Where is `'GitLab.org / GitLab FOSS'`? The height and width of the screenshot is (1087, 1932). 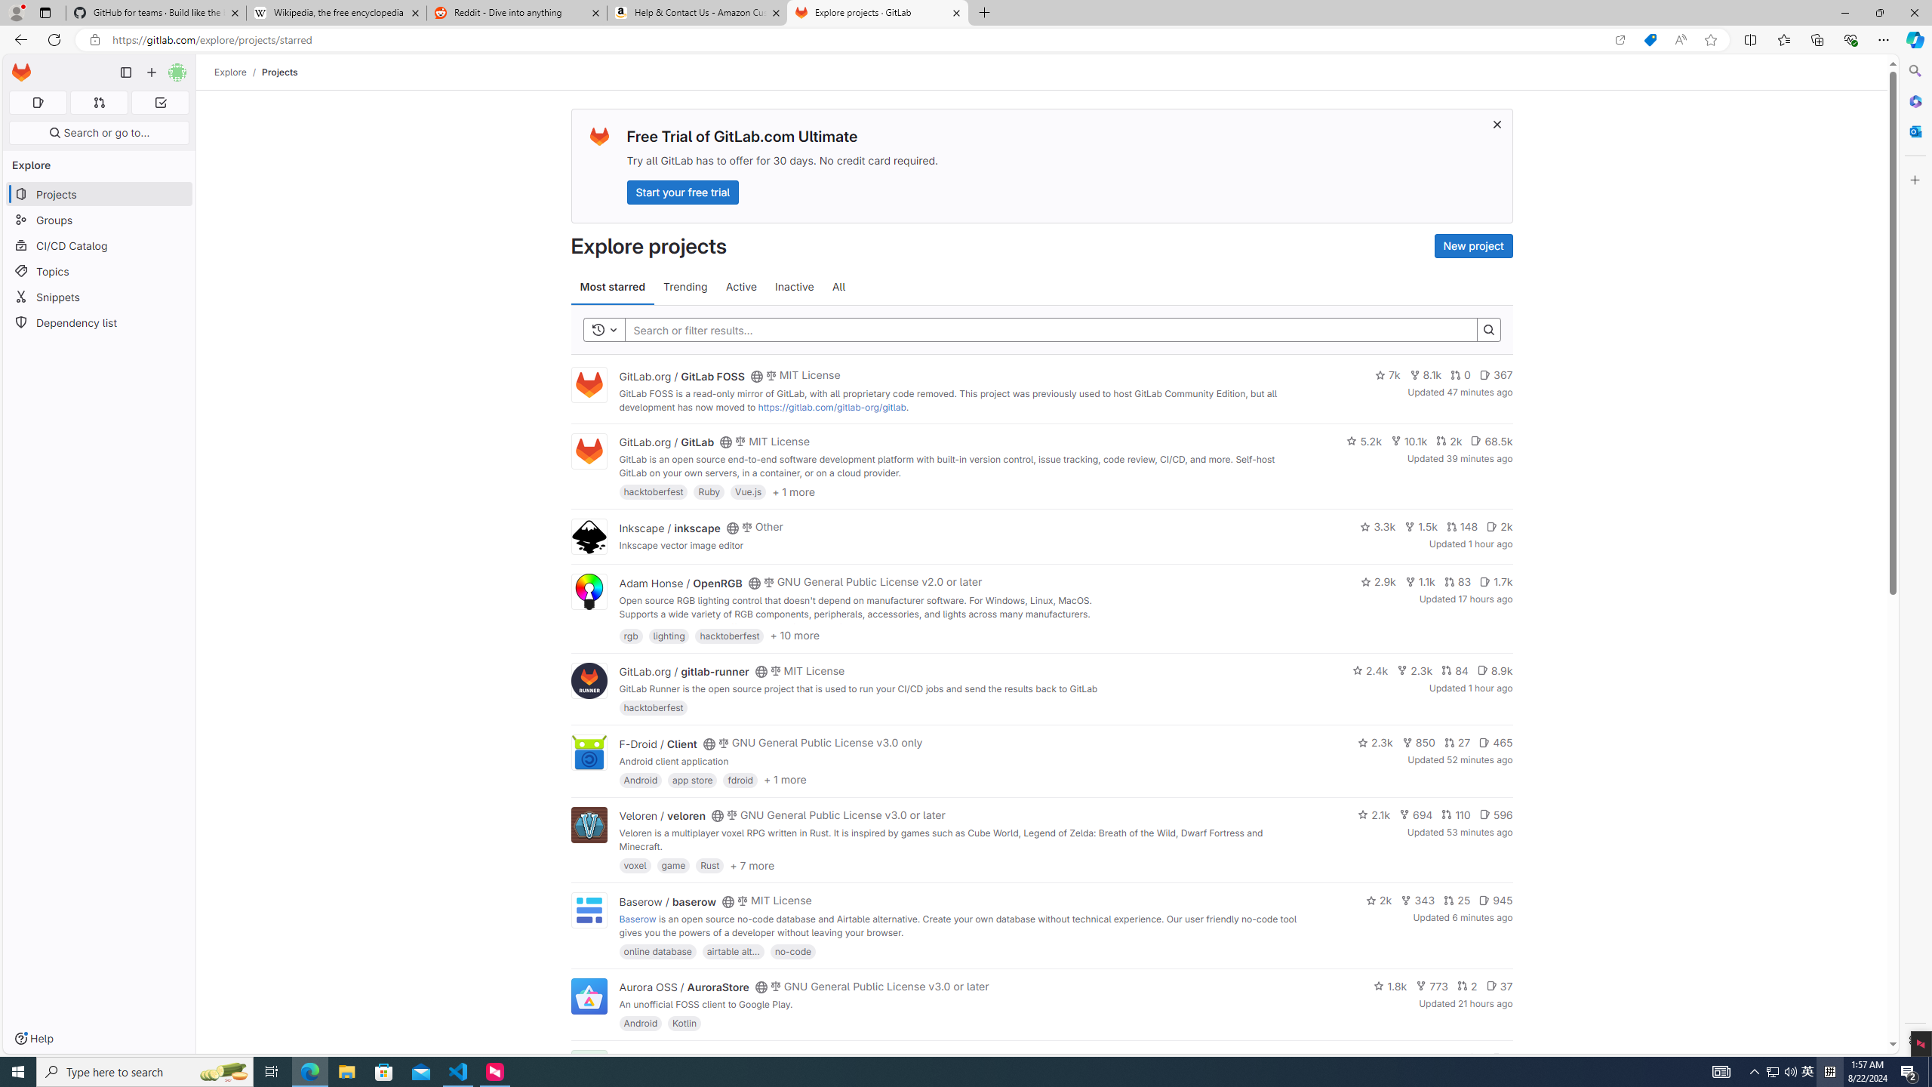 'GitLab.org / GitLab FOSS' is located at coordinates (681, 375).